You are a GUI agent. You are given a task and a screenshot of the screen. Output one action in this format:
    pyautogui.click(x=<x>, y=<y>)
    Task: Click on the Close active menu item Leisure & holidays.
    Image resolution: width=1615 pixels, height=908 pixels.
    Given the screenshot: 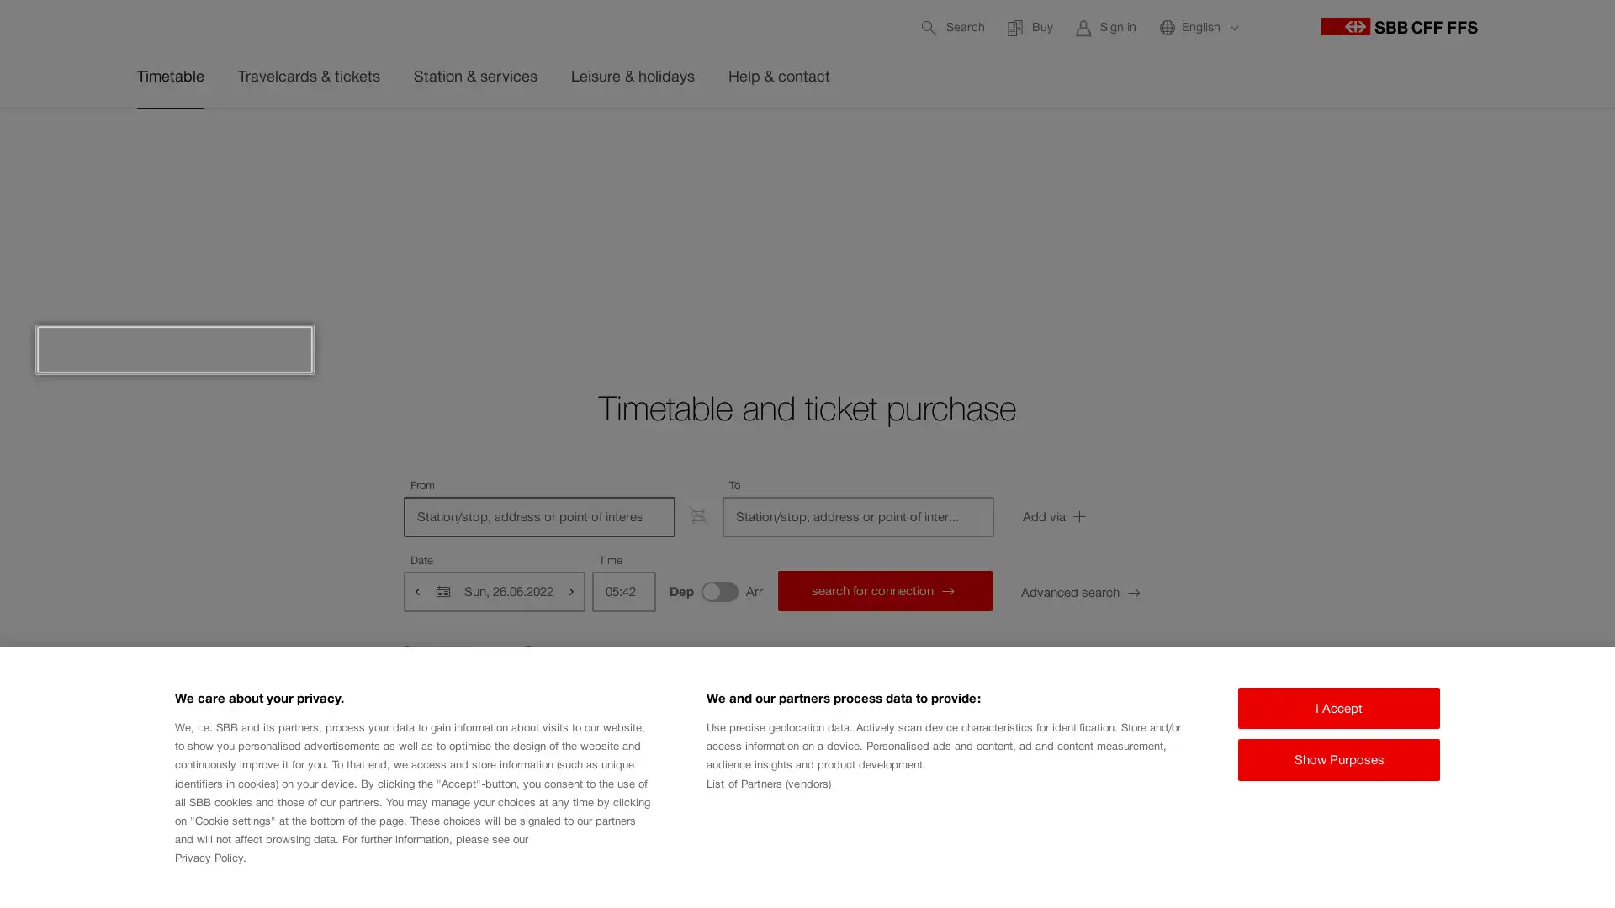 What is the action you would take?
    pyautogui.click(x=1497, y=148)
    